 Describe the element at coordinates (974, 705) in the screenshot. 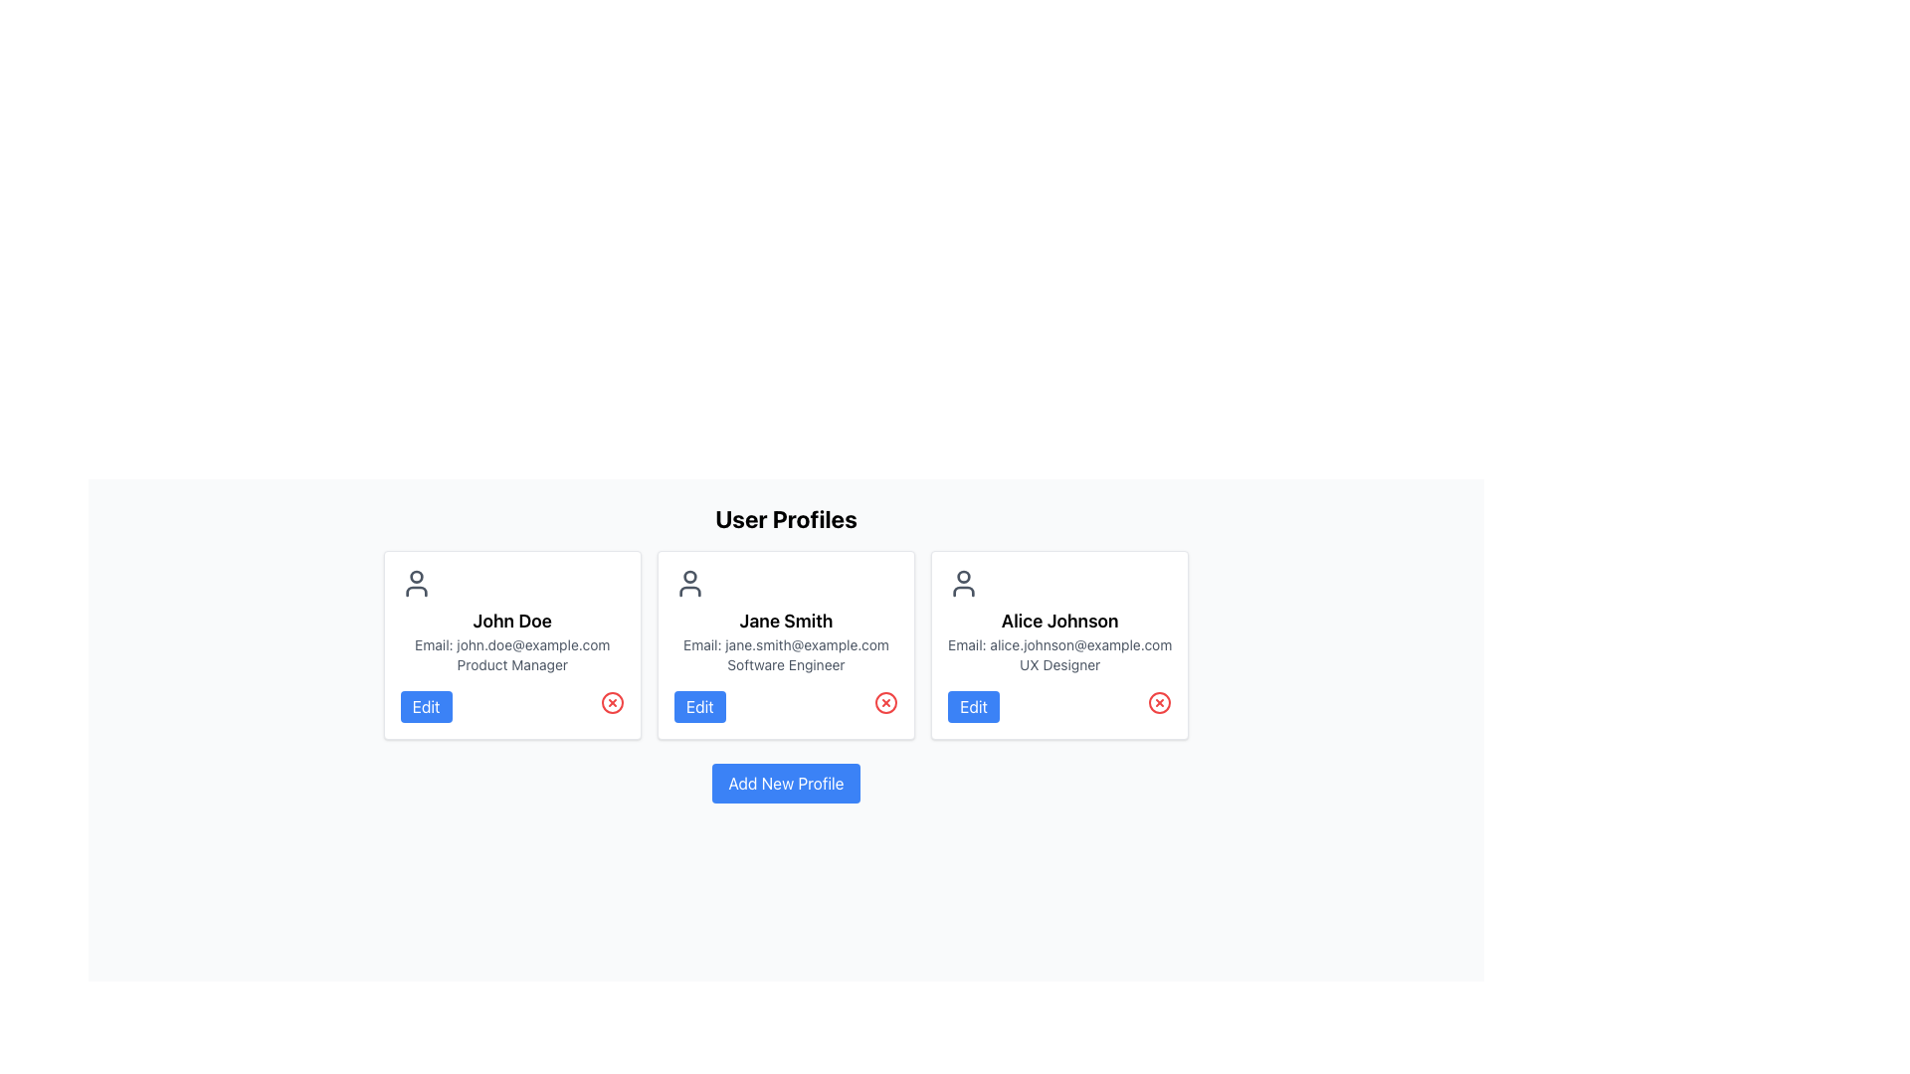

I see `the button that initiates editing the profile information of 'Alice Johnson', located in the 'User Profiles' section, next to a red circular icon` at that location.